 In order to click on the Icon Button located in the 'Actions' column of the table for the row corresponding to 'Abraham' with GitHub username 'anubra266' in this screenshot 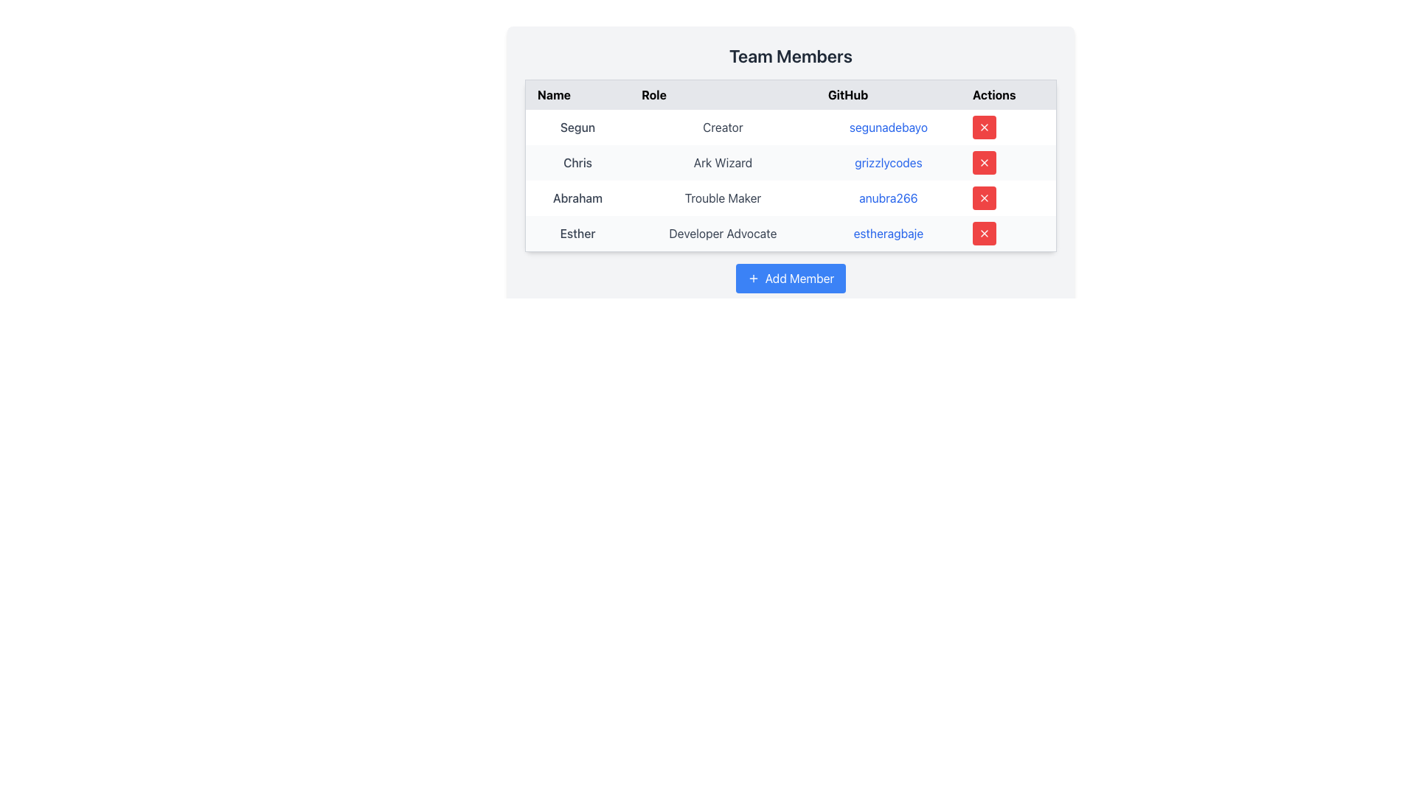, I will do `click(984, 198)`.